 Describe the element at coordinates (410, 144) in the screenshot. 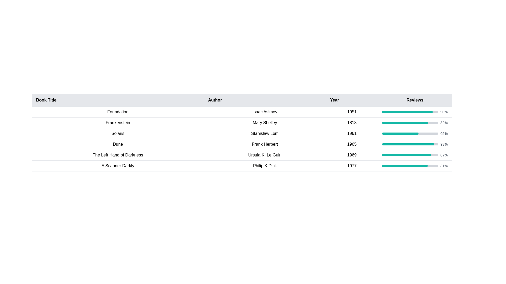

I see `the progress bar indicating the rating for the book 'Dune', which is located in the reviews column of the corresponding row` at that location.